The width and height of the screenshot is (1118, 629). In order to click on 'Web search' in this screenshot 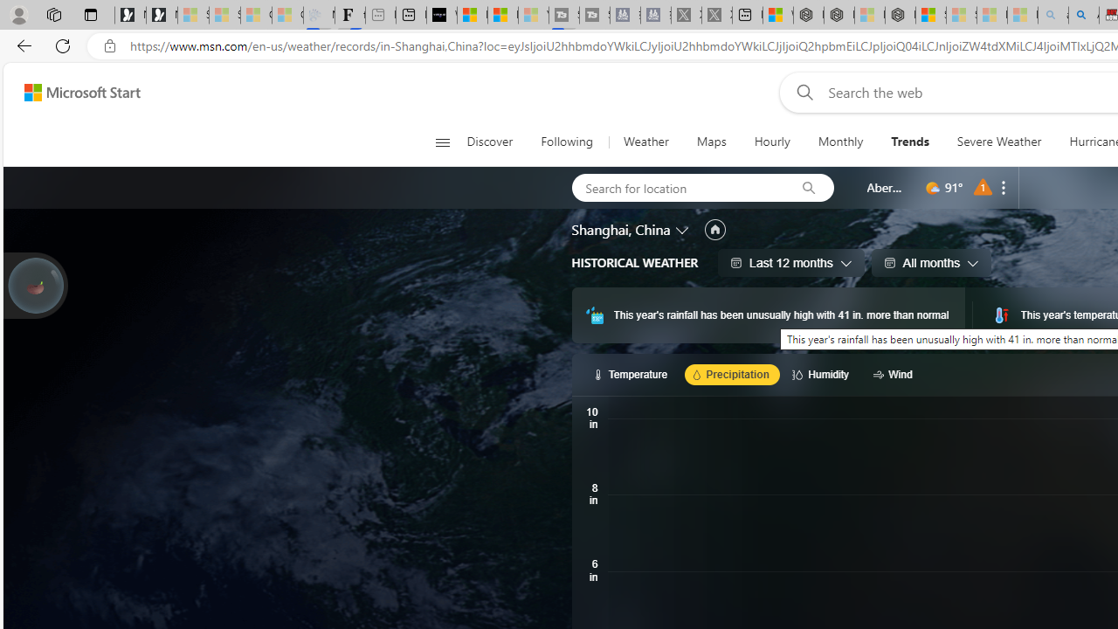, I will do `click(800, 92)`.